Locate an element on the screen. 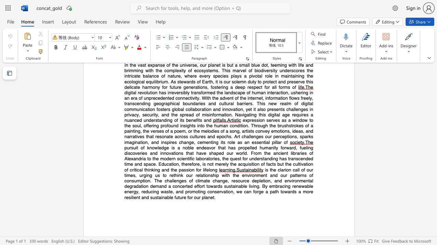 This screenshot has height=245, width=437. the subset text "cy, security, and the spread of misinformation. Navigating this digital age re" within the text "digital revolution has irreversibly transformed the landscape of human interaction, ushering in an era of unprecedented connectivity. With the advent of the internet, information flows freely, transcending geographical boundaries and cultural barriers. This new realm of digital communication fosters global collaboration and innovation, yet it also presents challenges in privacy, security, and the spread of misinformation. Navigating this digital age requires a nuanced understanding of its benefits and" is located at coordinates (134, 114).